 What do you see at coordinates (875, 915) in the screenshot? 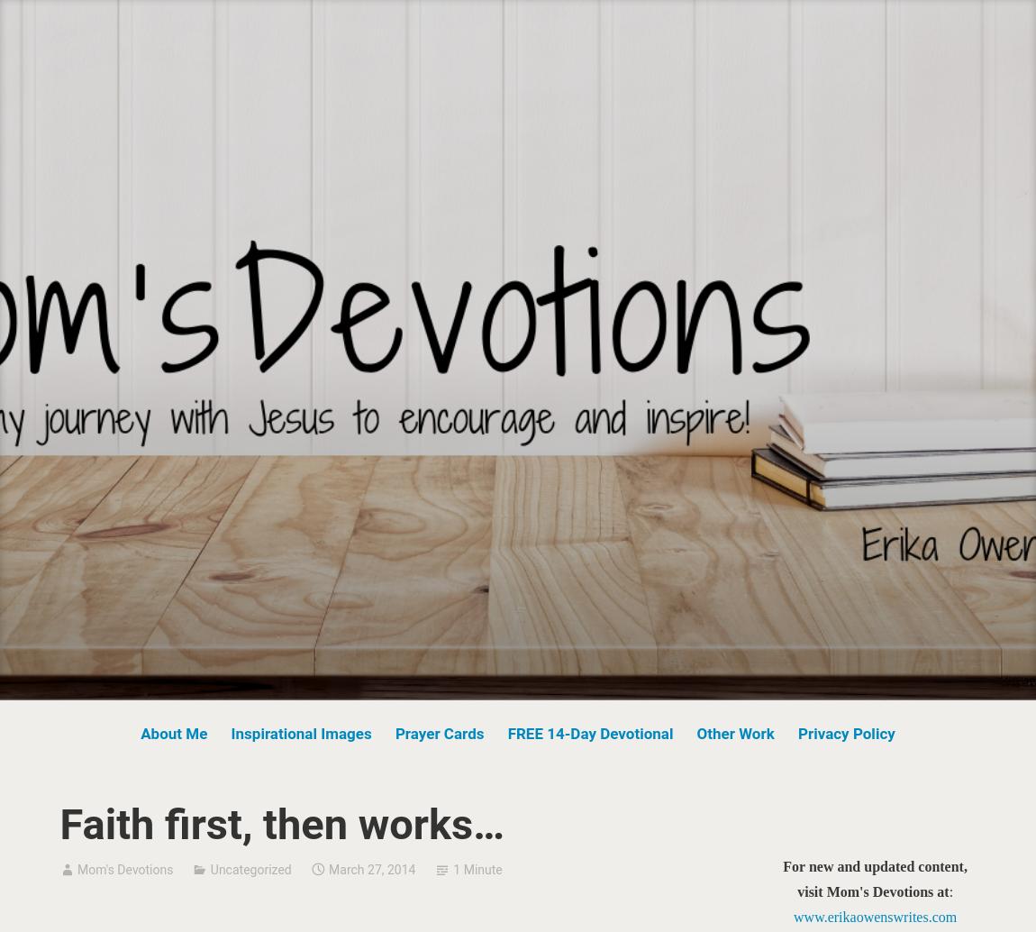
I see `'www.erikaowenswrites.com'` at bounding box center [875, 915].